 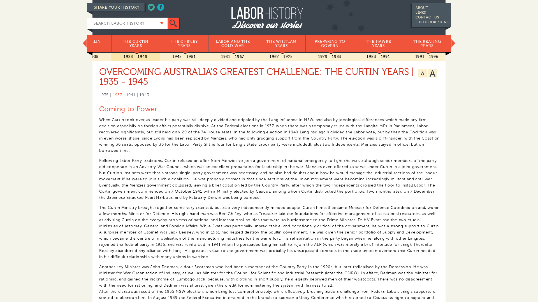 What do you see at coordinates (135, 56) in the screenshot?
I see `'1935 - 1945'` at bounding box center [135, 56].